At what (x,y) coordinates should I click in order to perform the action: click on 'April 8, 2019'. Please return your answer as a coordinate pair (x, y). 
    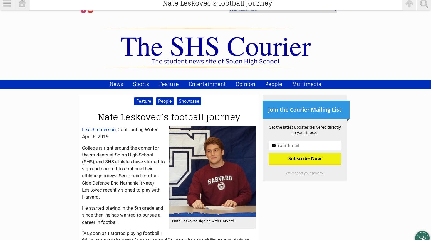
    Looking at the image, I should click on (95, 136).